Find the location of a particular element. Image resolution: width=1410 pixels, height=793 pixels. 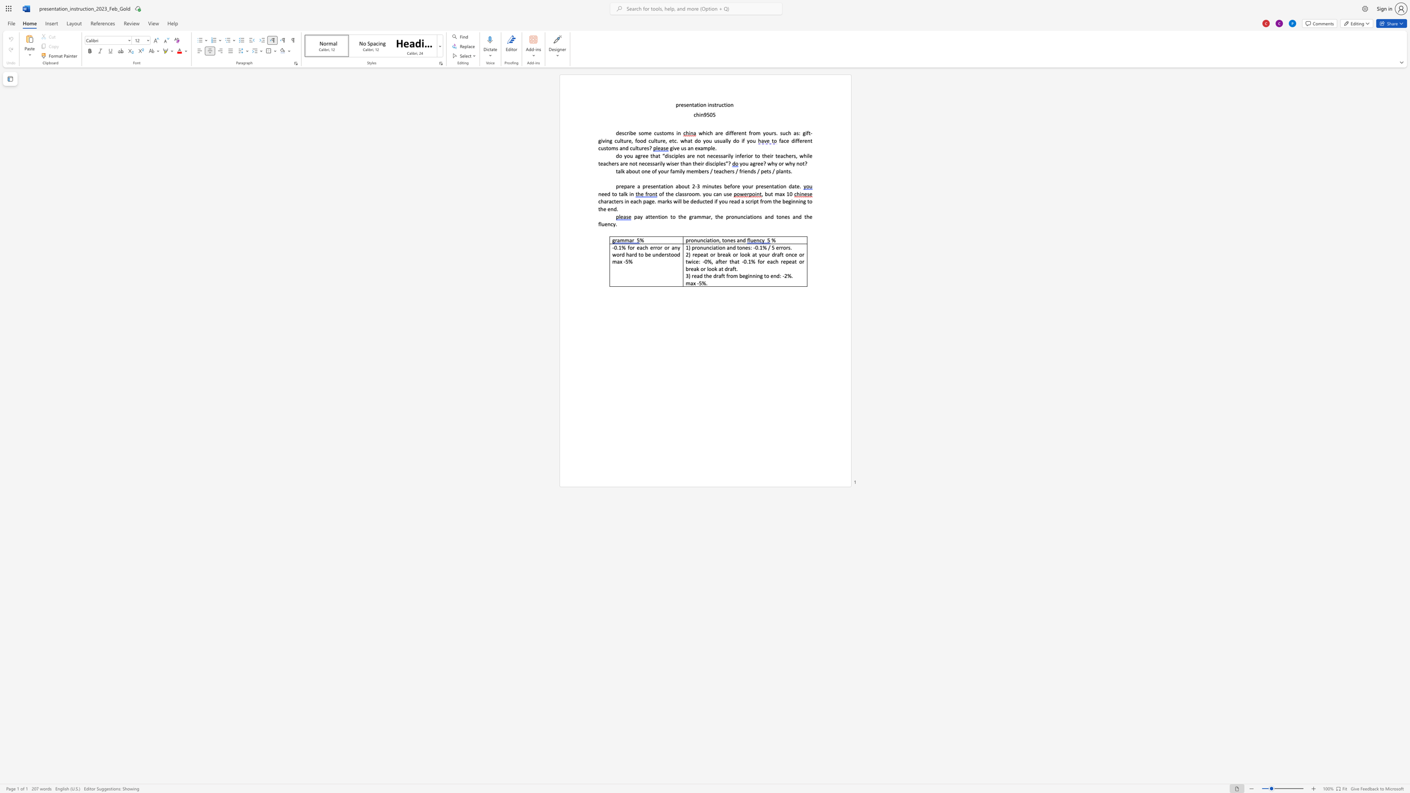

the 3th character "e" in the text is located at coordinates (739, 132).